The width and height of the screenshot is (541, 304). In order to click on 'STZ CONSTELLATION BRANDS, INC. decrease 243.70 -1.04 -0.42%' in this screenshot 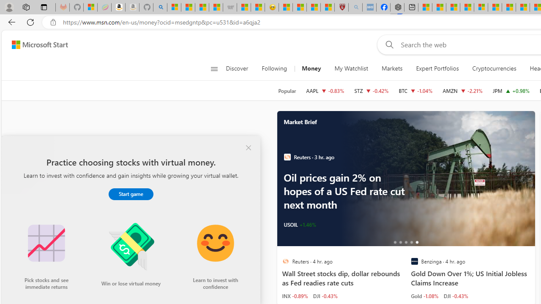, I will do `click(371, 90)`.